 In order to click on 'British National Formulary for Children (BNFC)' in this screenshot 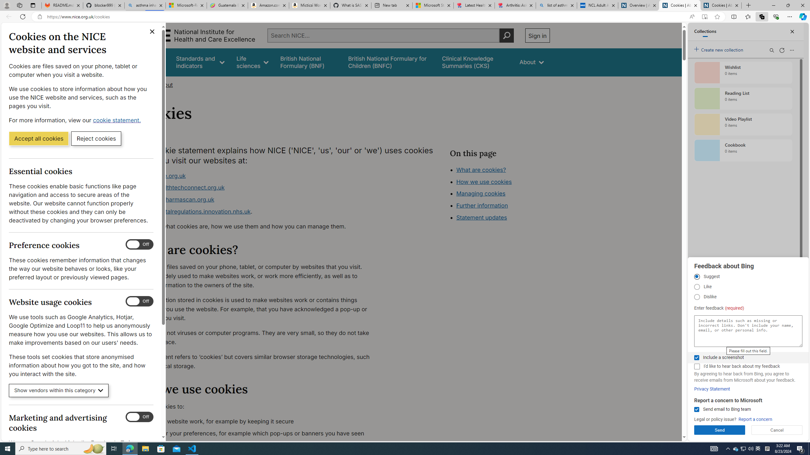, I will do `click(389, 62)`.